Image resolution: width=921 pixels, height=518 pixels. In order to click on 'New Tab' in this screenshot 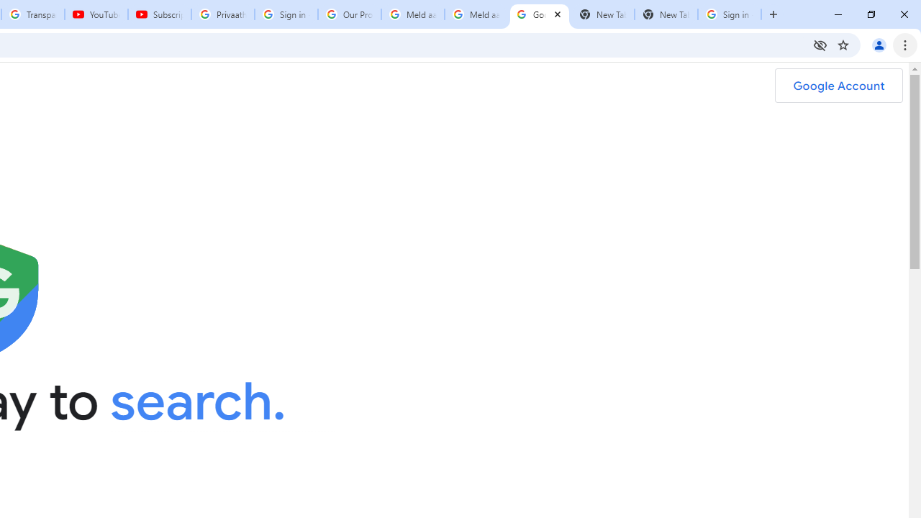, I will do `click(666, 14)`.